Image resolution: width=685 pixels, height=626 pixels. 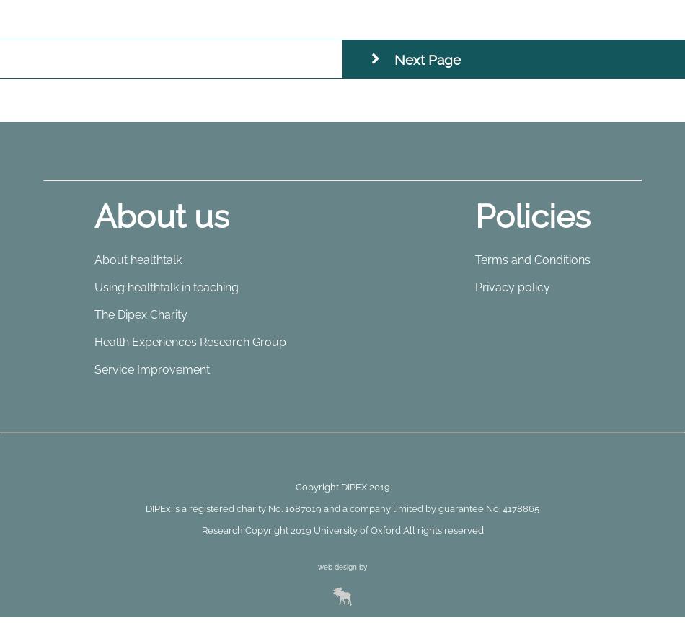 I want to click on 'Policies', so click(x=532, y=216).